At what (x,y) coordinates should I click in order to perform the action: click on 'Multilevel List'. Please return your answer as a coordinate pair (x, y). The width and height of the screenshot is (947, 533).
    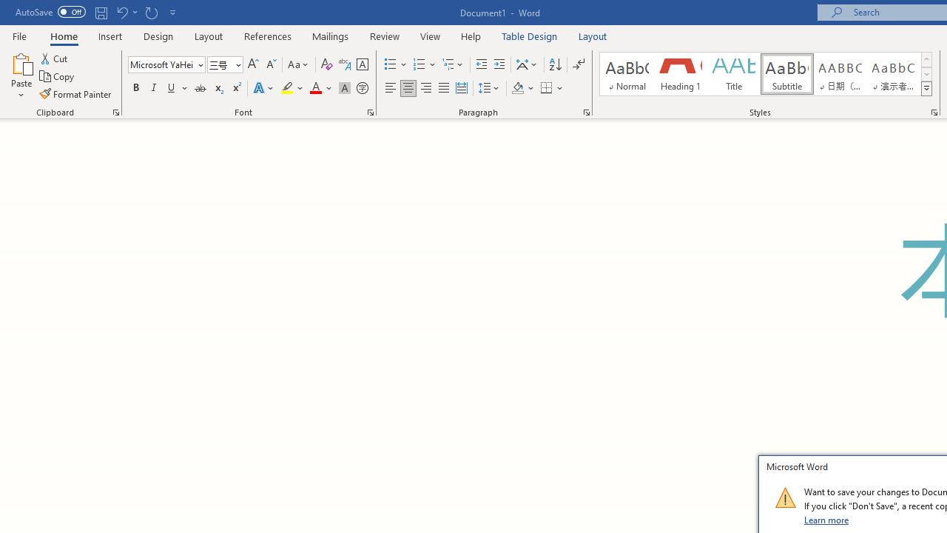
    Looking at the image, I should click on (453, 64).